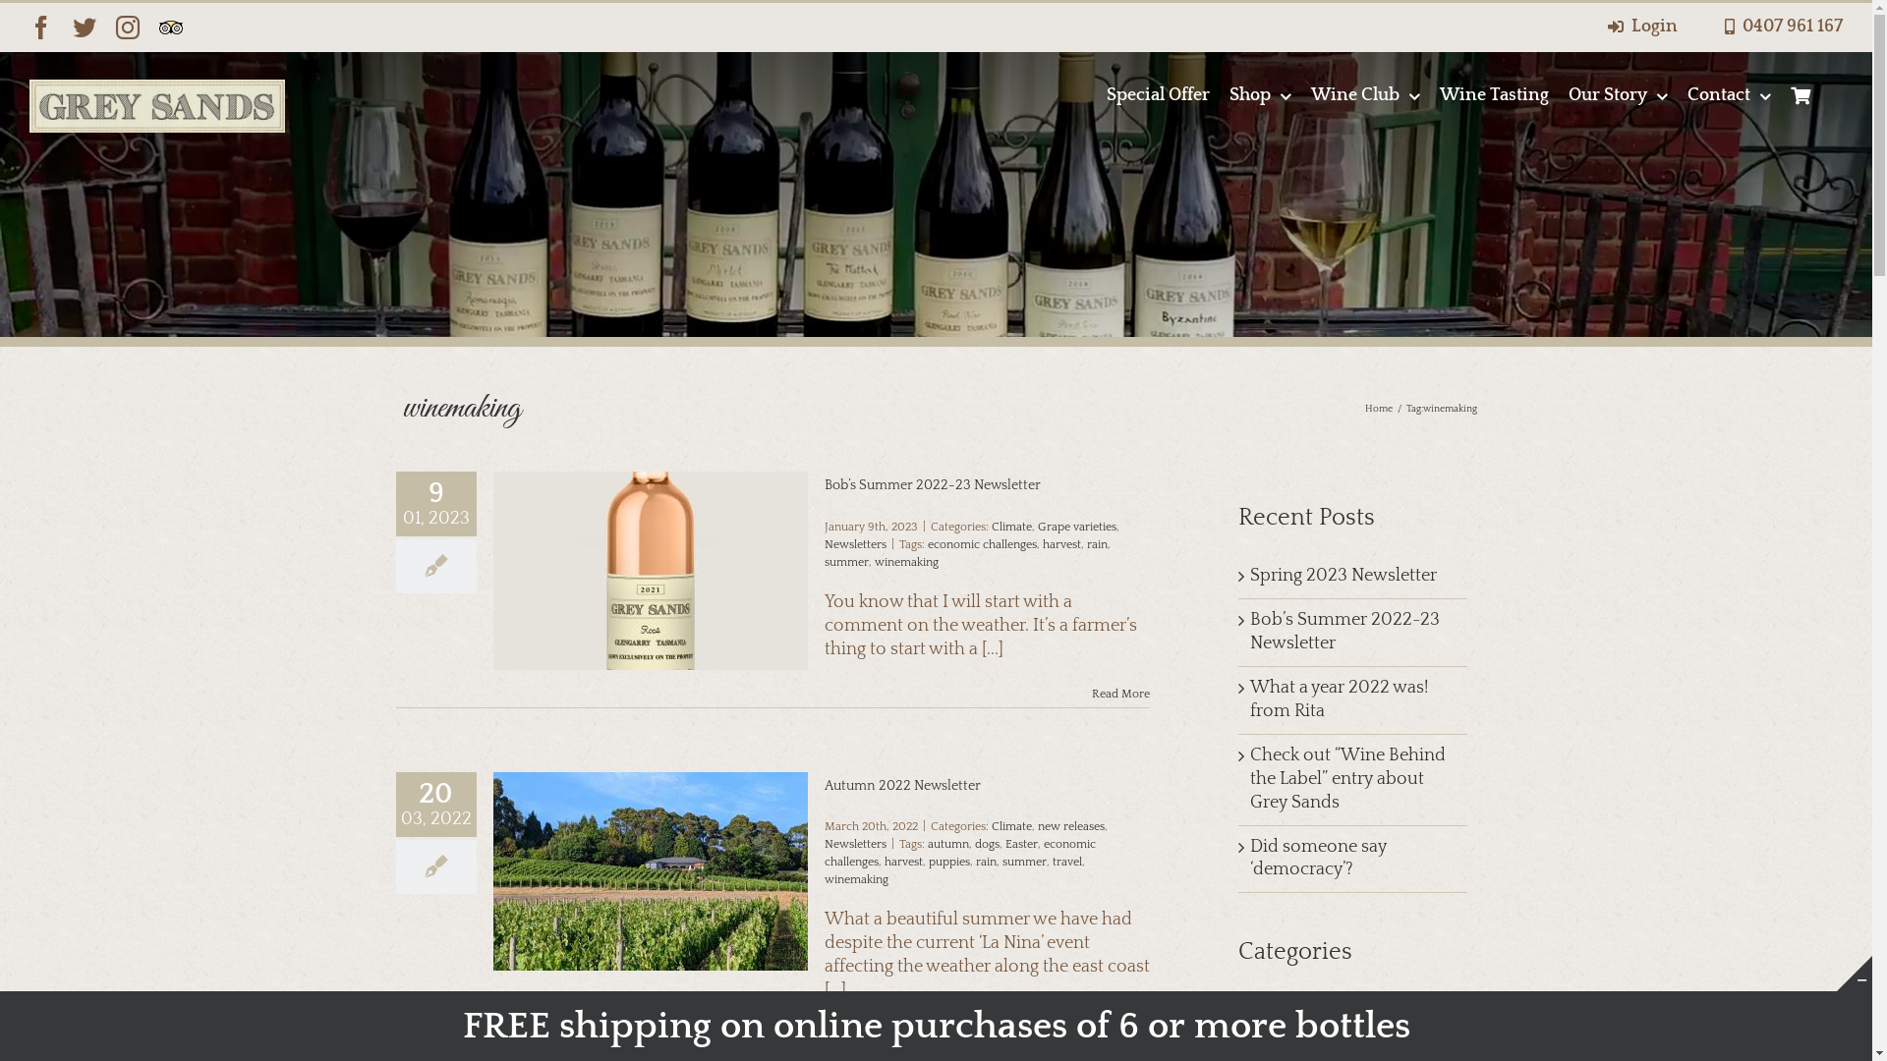 This screenshot has height=1061, width=1887. Describe the element at coordinates (1023, 861) in the screenshot. I see `'summer'` at that location.